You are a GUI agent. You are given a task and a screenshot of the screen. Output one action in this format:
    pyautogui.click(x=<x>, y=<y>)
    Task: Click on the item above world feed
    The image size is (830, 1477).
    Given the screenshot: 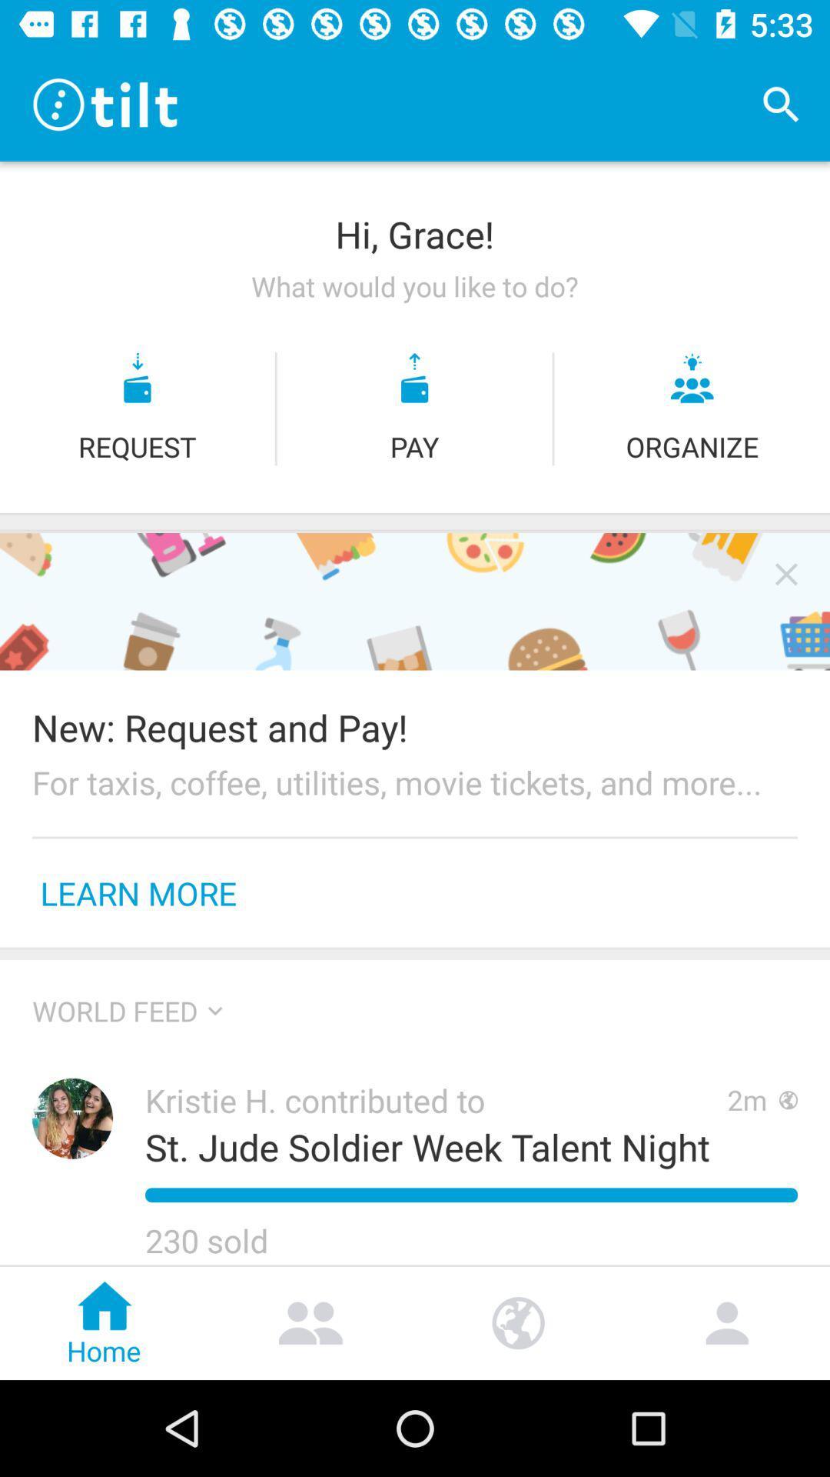 What is the action you would take?
    pyautogui.click(x=415, y=954)
    